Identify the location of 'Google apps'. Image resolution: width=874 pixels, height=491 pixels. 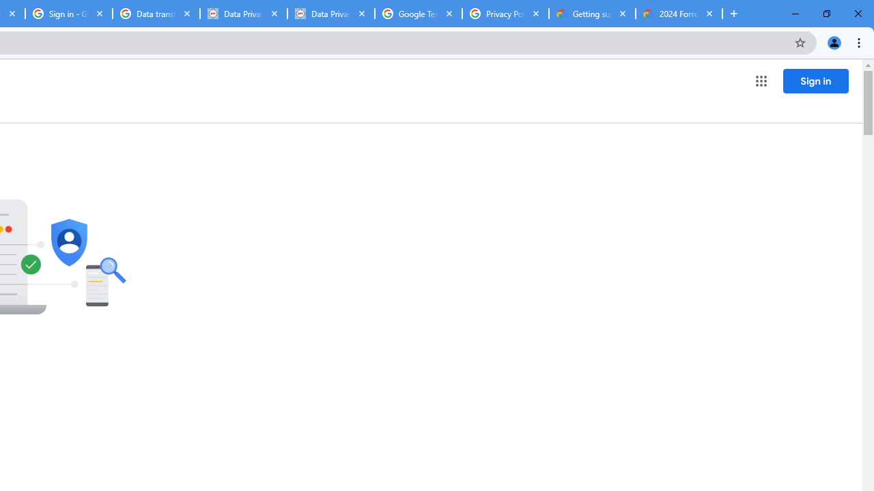
(760, 81).